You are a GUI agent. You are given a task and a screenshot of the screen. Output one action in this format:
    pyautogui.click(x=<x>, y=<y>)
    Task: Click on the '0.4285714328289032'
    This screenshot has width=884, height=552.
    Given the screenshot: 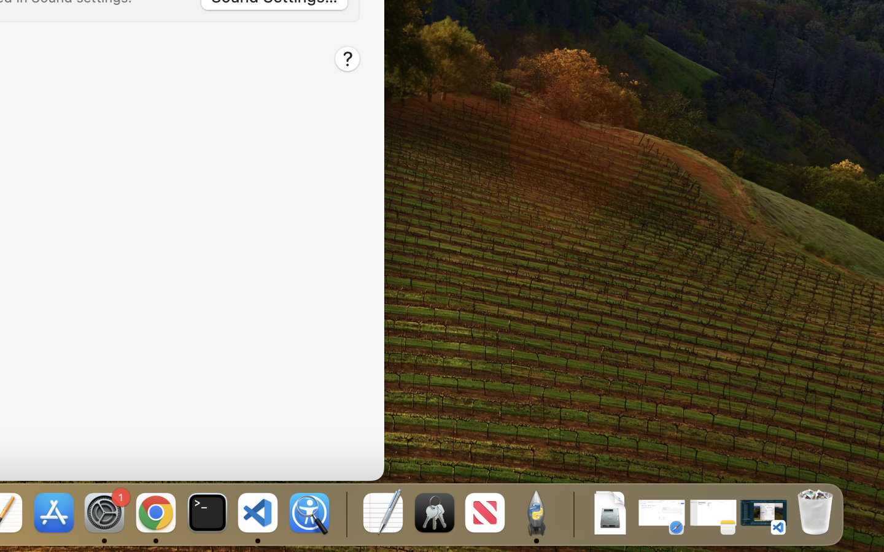 What is the action you would take?
    pyautogui.click(x=345, y=513)
    